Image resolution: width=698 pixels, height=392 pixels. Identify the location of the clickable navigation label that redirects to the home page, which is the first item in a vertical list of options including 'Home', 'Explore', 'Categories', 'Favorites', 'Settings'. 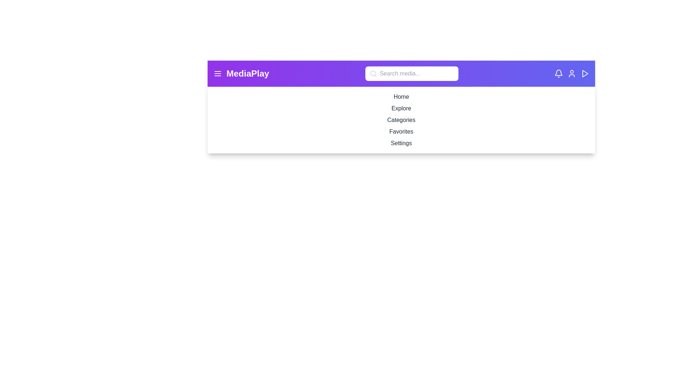
(401, 96).